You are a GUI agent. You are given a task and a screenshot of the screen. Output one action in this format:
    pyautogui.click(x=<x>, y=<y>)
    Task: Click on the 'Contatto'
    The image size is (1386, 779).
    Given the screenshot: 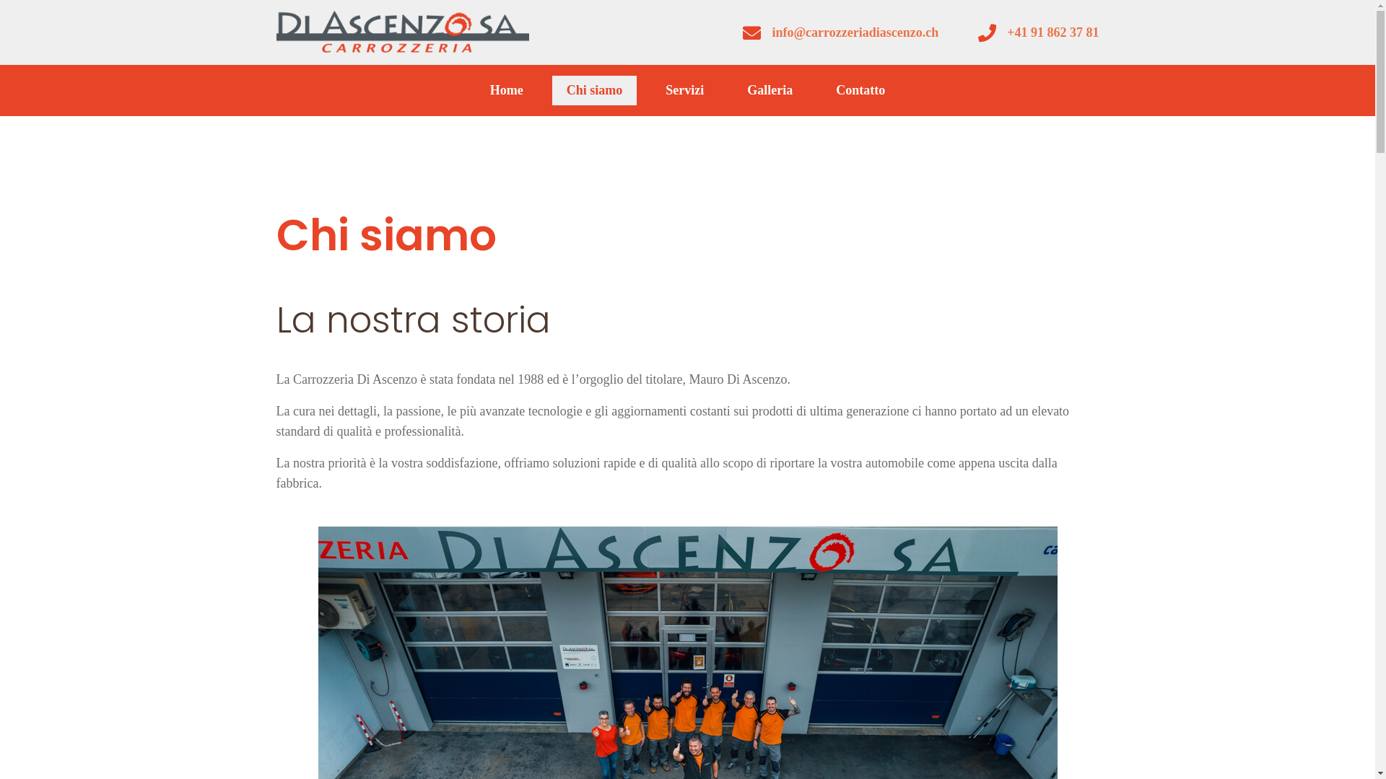 What is the action you would take?
    pyautogui.click(x=821, y=90)
    